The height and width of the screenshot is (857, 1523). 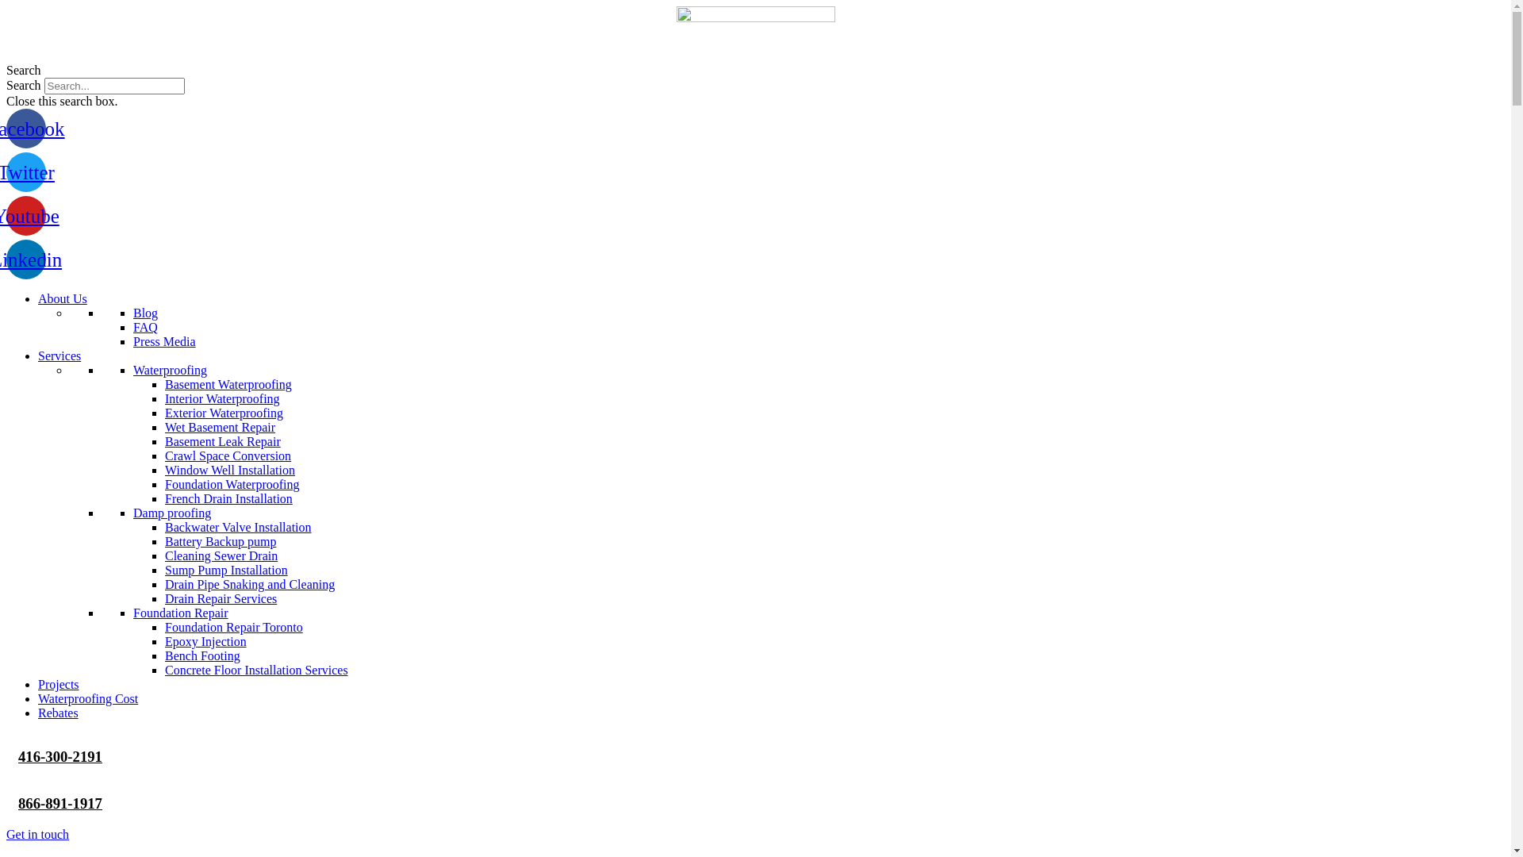 What do you see at coordinates (62, 298) in the screenshot?
I see `'About Us'` at bounding box center [62, 298].